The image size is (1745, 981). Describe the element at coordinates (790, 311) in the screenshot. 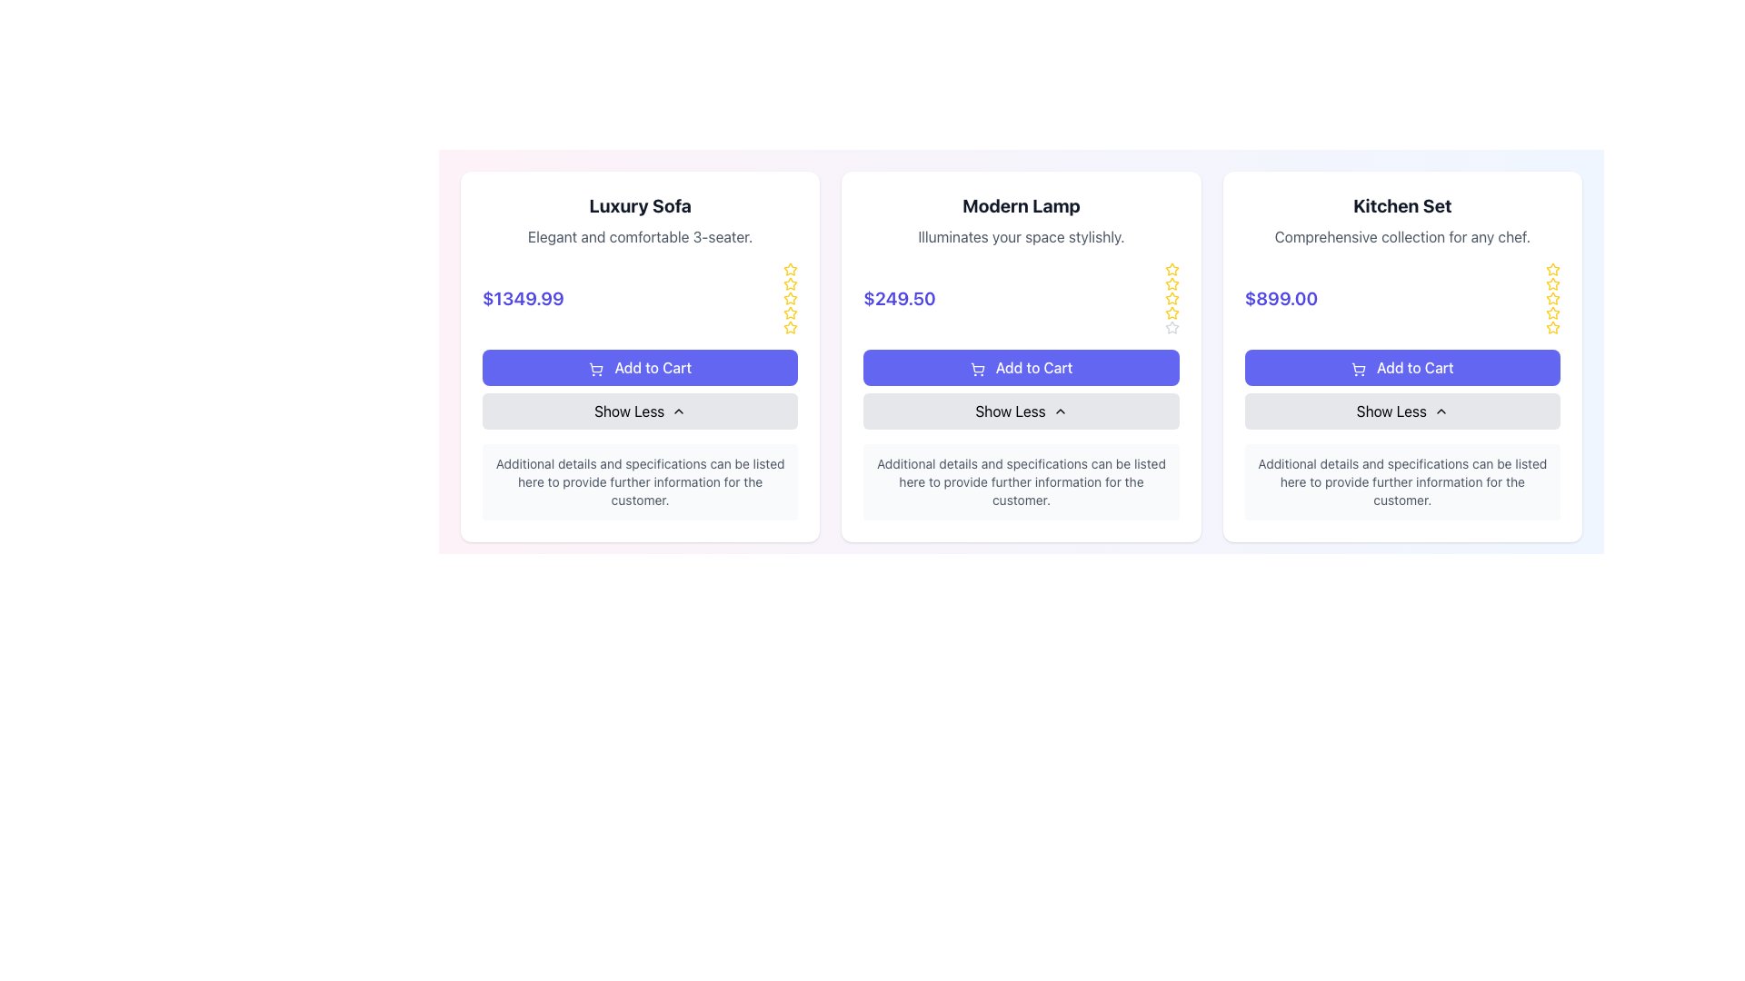

I see `the second star icon` at that location.